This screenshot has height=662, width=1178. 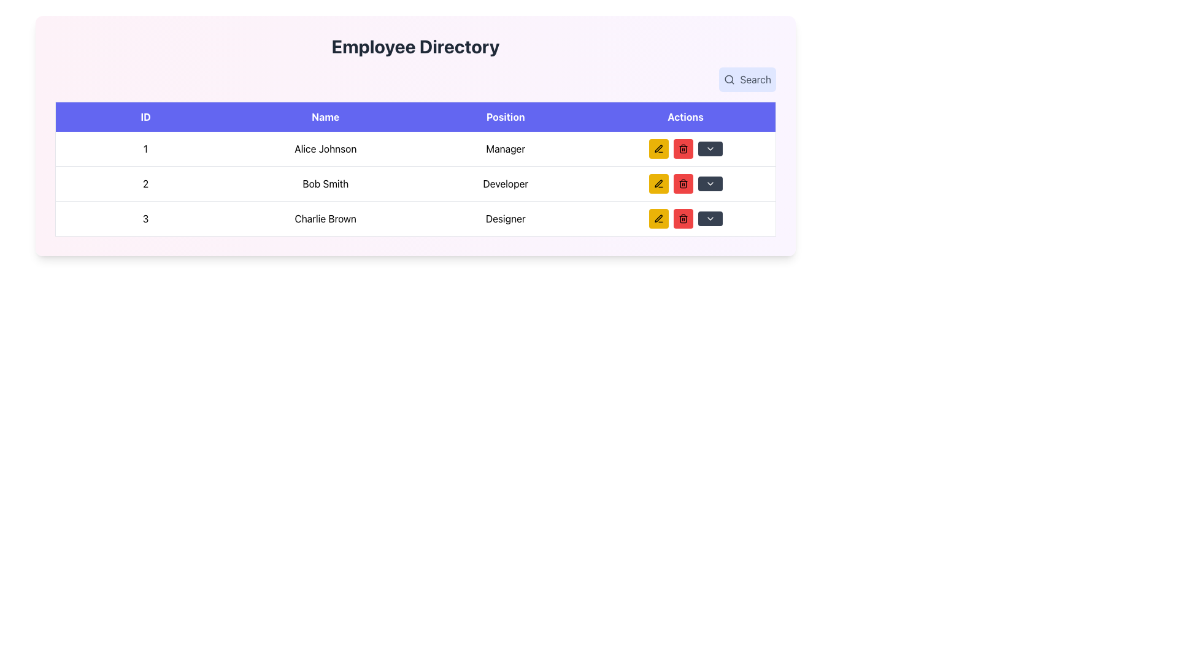 I want to click on the delete button located in the 'Actions' section of the row labeled 'Alice Johnson' and 'Manager', so click(x=685, y=148).